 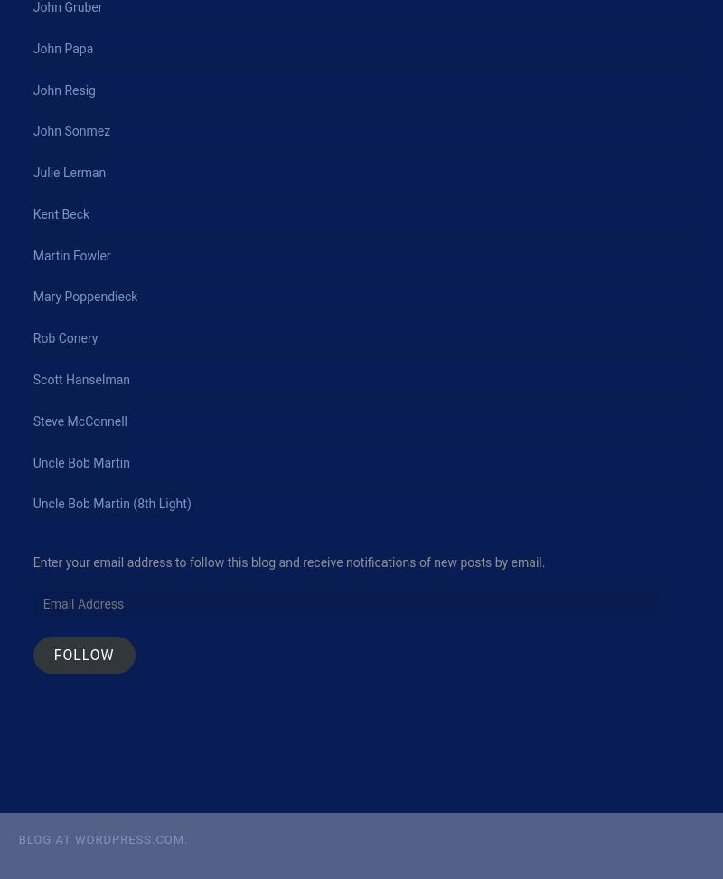 What do you see at coordinates (32, 254) in the screenshot?
I see `'Martin Fowler'` at bounding box center [32, 254].